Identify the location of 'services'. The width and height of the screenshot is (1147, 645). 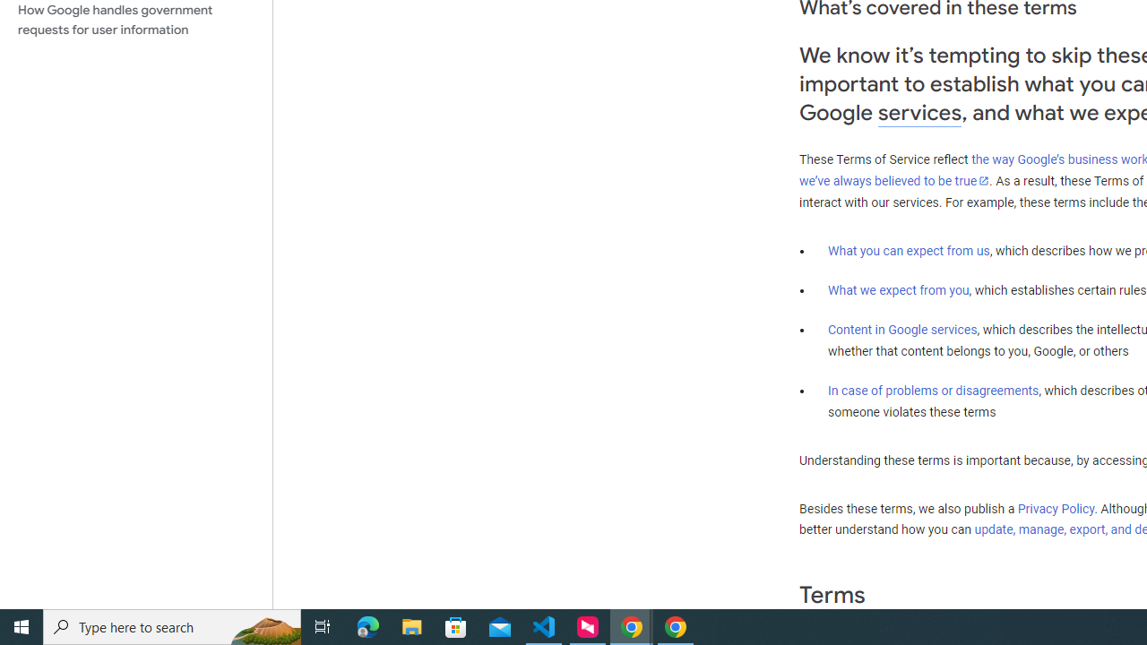
(919, 112).